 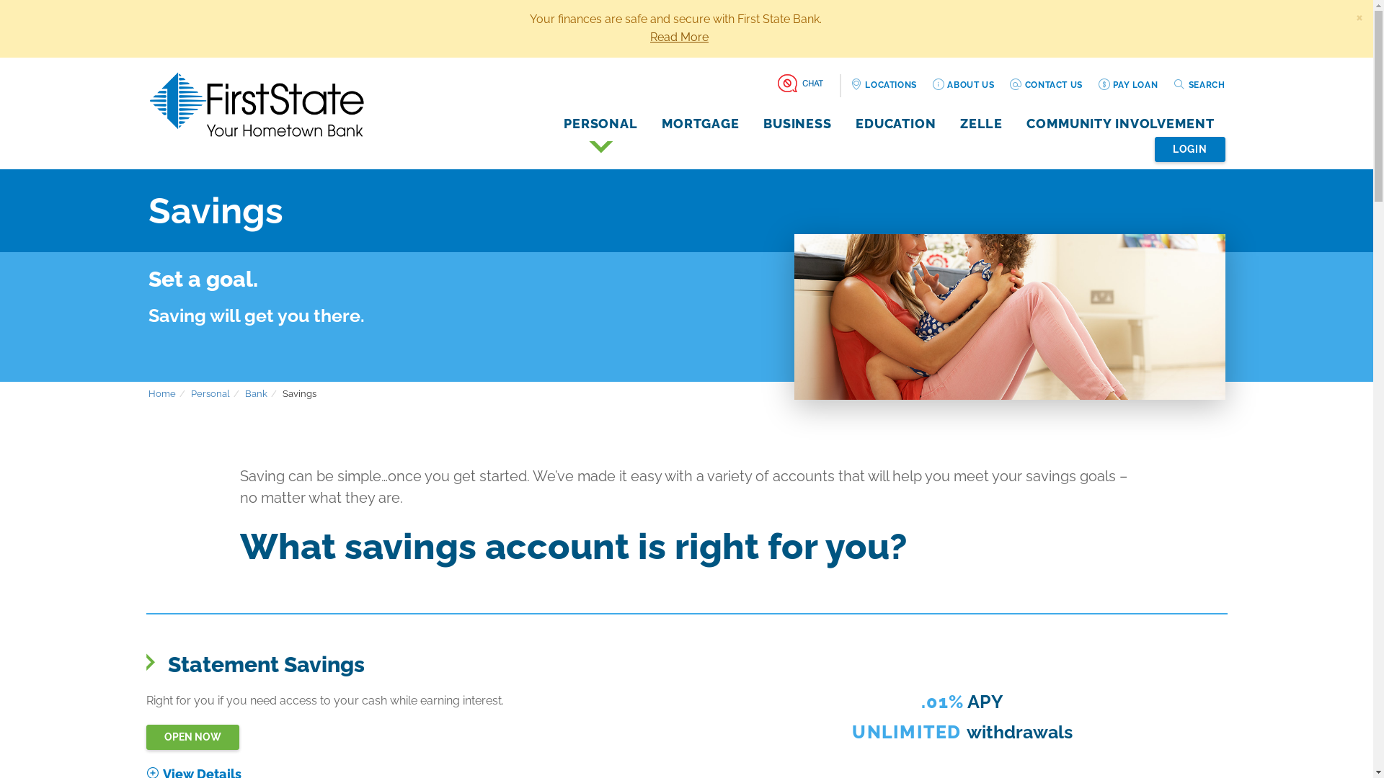 I want to click on 'LOCATIONS', so click(x=882, y=85).